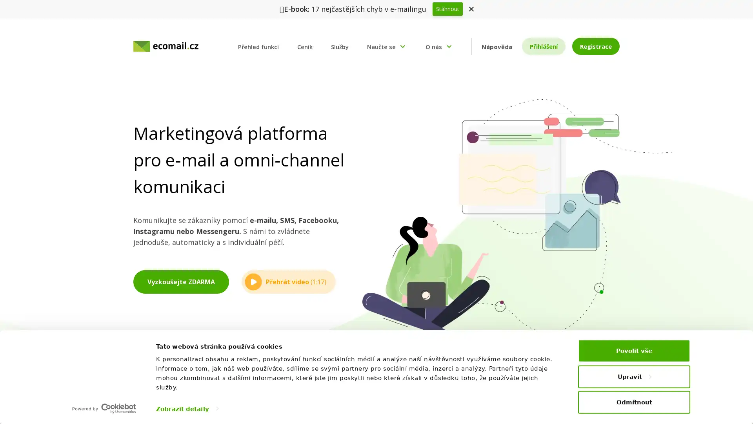  What do you see at coordinates (634, 350) in the screenshot?
I see `Povolit vse` at bounding box center [634, 350].